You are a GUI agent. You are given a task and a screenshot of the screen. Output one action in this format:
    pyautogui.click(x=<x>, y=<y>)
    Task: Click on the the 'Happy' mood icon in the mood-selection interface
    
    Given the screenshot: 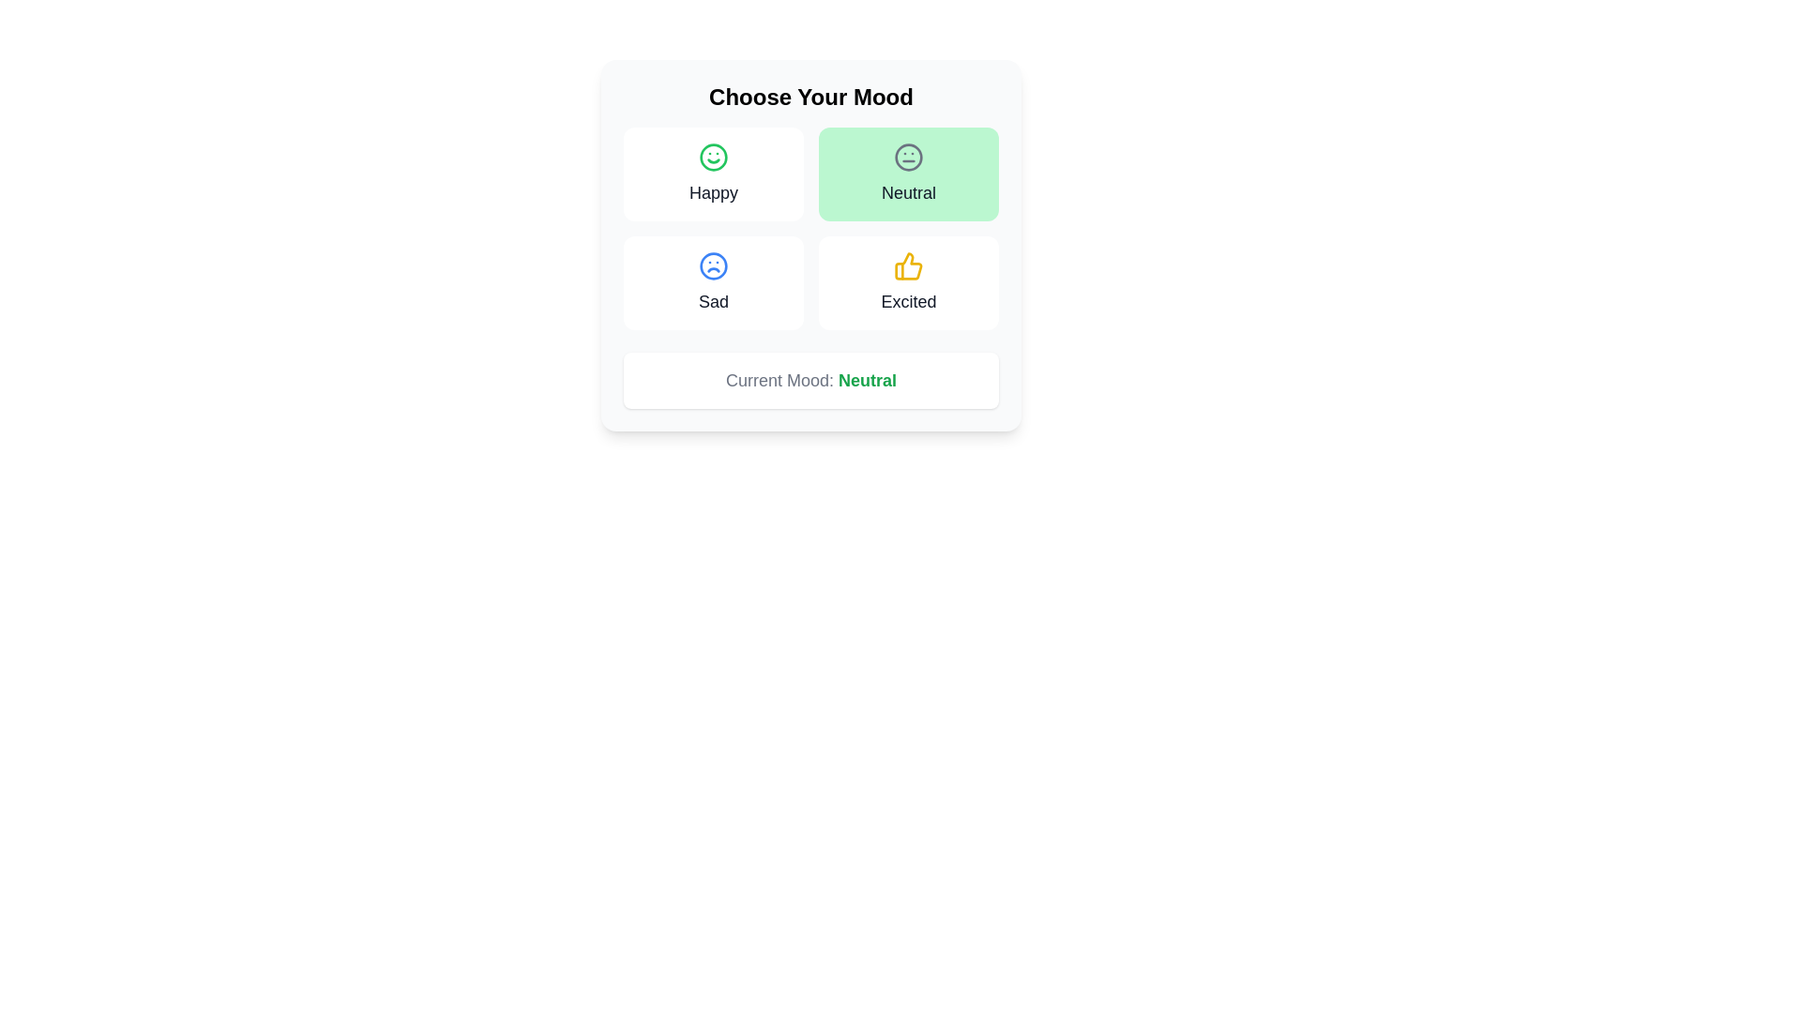 What is the action you would take?
    pyautogui.click(x=713, y=157)
    